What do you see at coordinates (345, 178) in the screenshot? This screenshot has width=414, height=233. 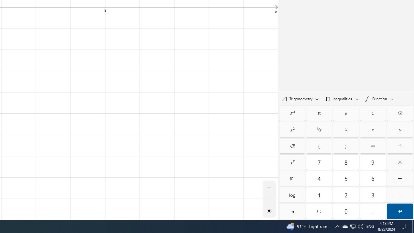 I see `'Five'` at bounding box center [345, 178].